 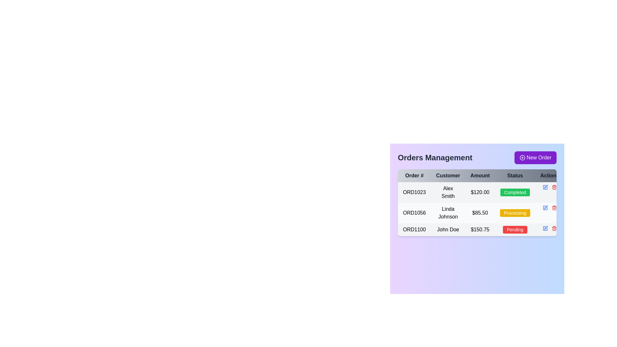 What do you see at coordinates (515, 229) in the screenshot?
I see `the rectangular badge with a red background and white text reading 'Pending' that is located in the 'Status' column for the order 'ORD1100 / John Doe / $150.75'` at bounding box center [515, 229].